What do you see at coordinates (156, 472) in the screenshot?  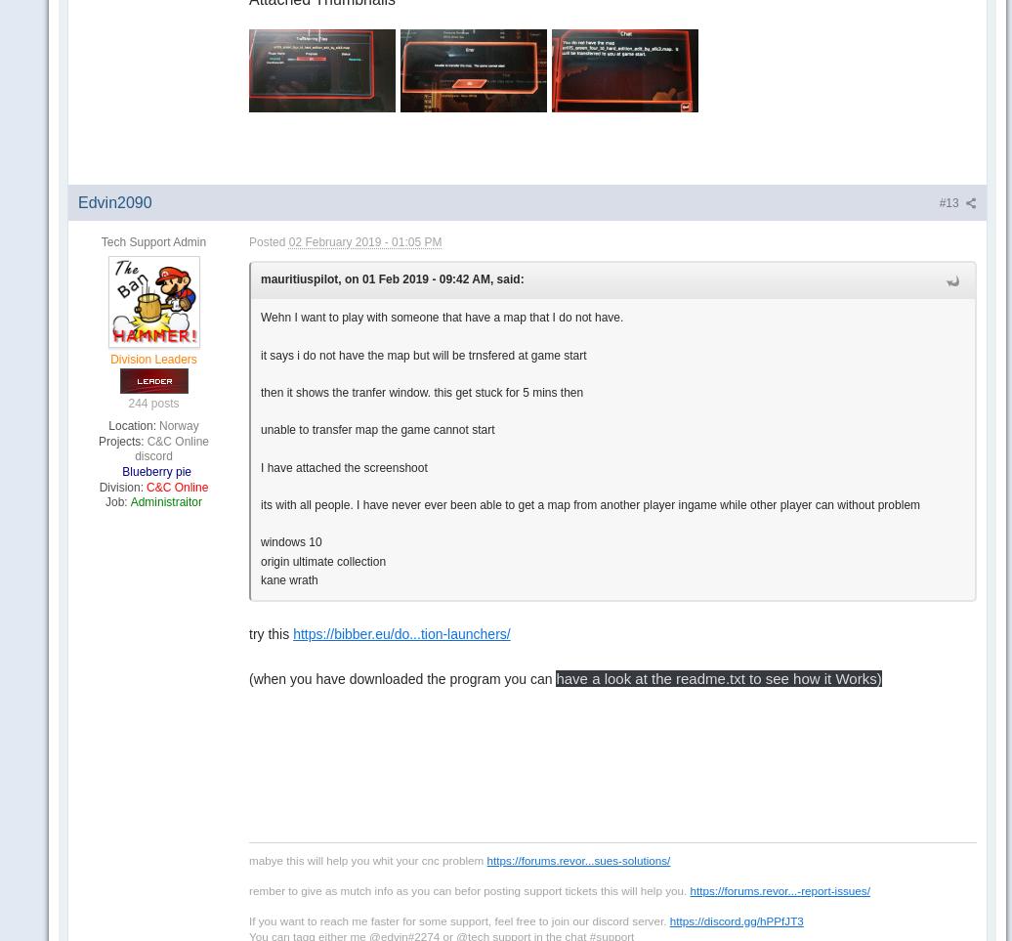 I see `'Blueberry pie'` at bounding box center [156, 472].